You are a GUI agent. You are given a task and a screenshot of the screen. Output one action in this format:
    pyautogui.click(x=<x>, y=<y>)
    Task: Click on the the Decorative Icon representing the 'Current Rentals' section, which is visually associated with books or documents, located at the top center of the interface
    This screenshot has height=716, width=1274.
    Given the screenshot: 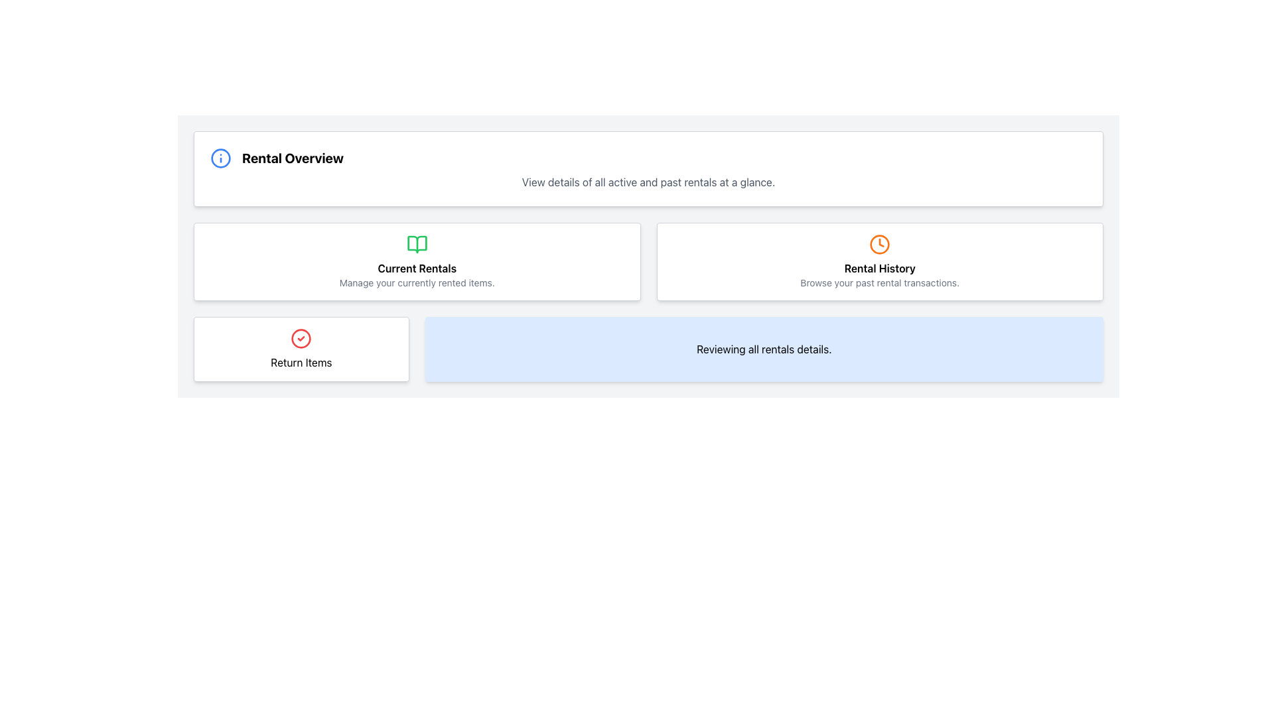 What is the action you would take?
    pyautogui.click(x=416, y=245)
    